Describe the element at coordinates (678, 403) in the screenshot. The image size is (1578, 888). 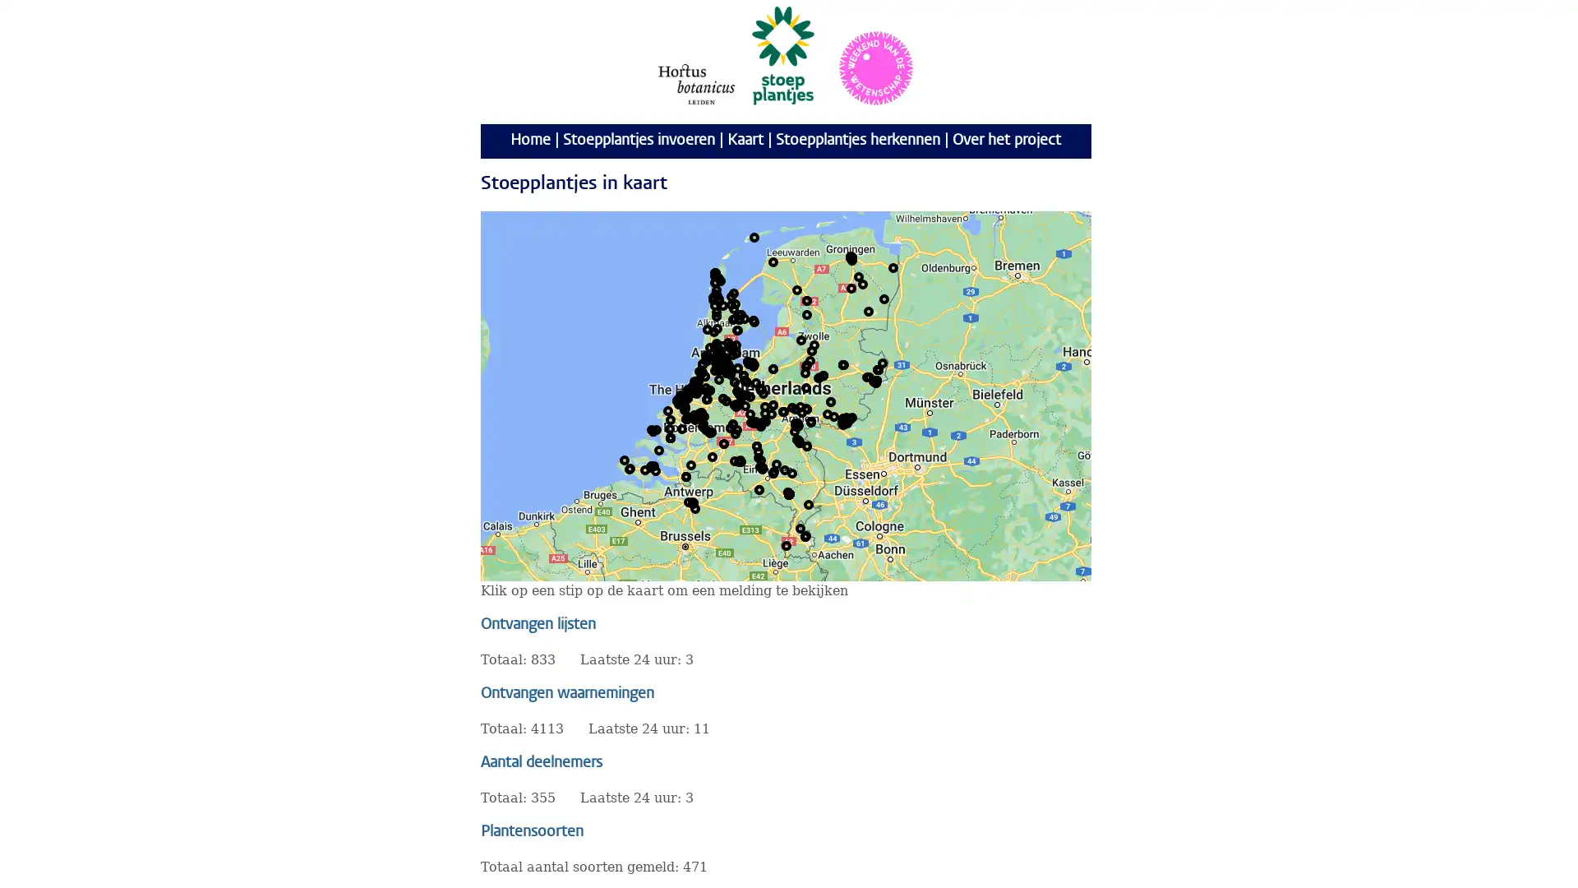
I see `Telling van op 09 oktober 2021` at that location.